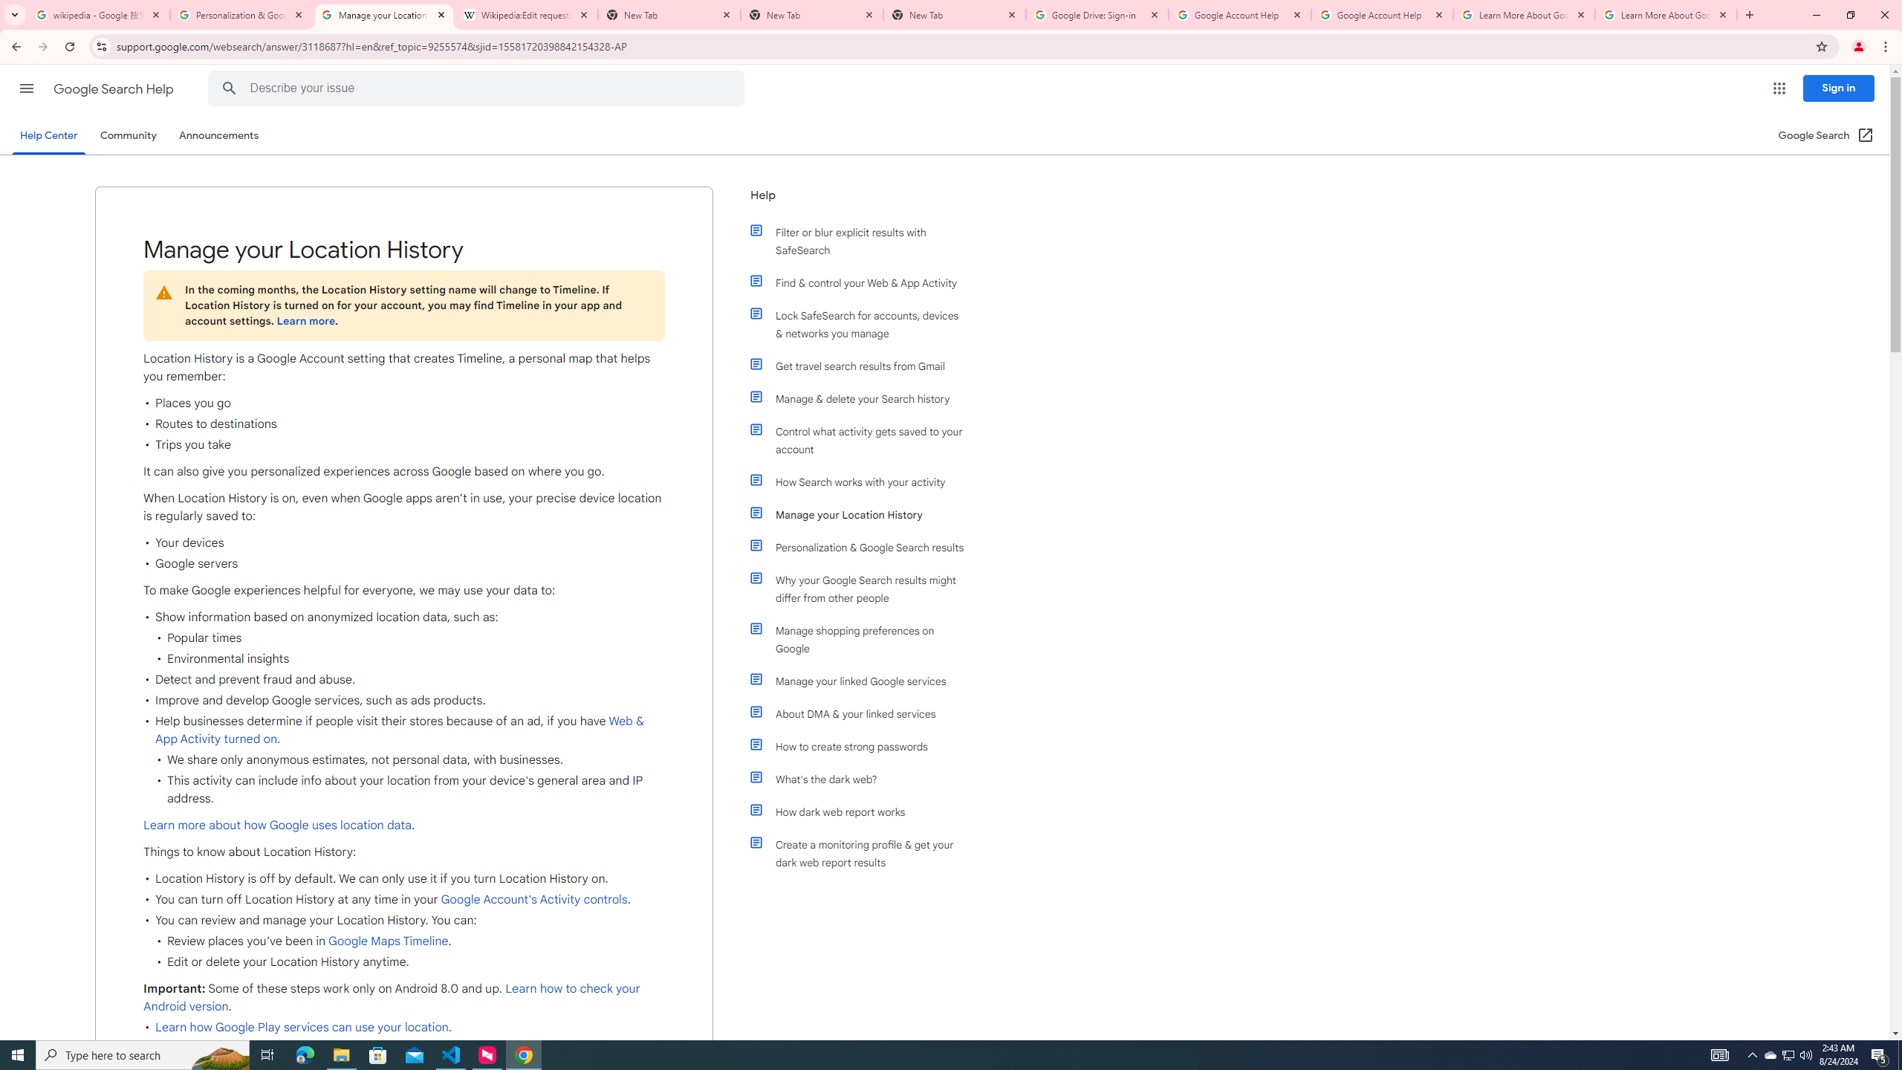  I want to click on 'Community', so click(127, 134).